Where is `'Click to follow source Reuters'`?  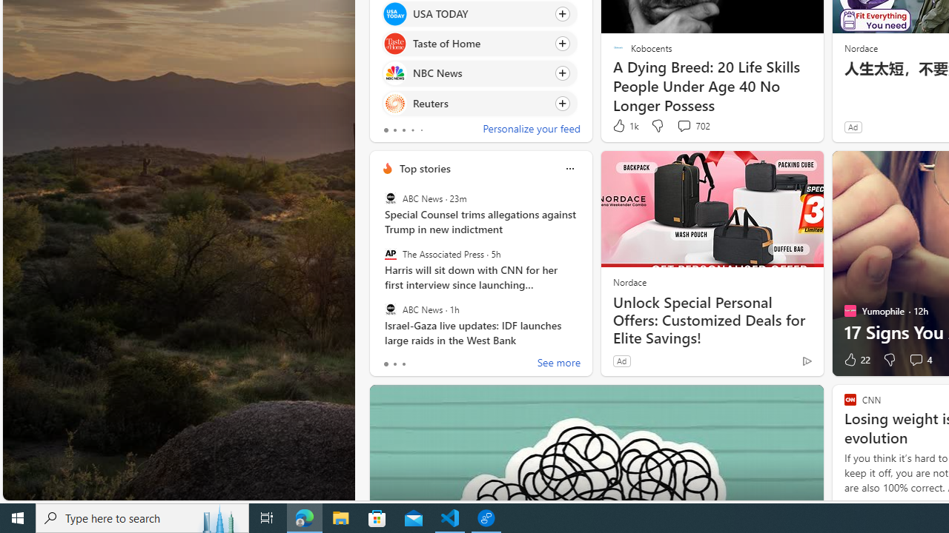 'Click to follow source Reuters' is located at coordinates (480, 102).